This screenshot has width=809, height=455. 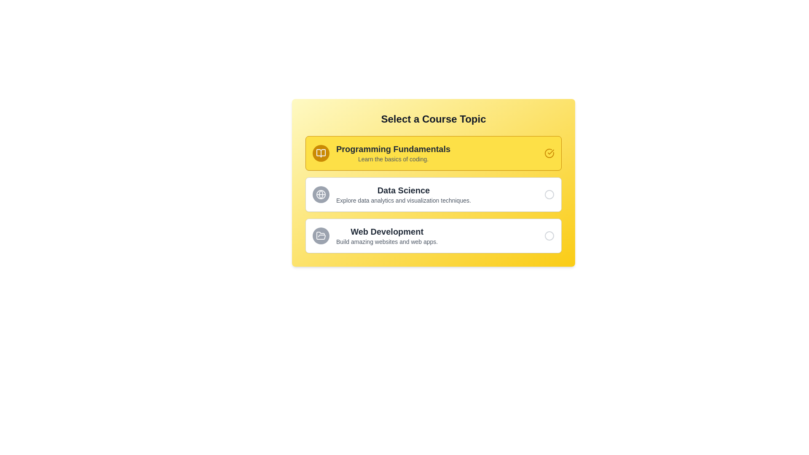 What do you see at coordinates (403, 195) in the screenshot?
I see `details of the Text Block containing 'Data Science' and 'Explore data analytics and visualization techniques.'` at bounding box center [403, 195].